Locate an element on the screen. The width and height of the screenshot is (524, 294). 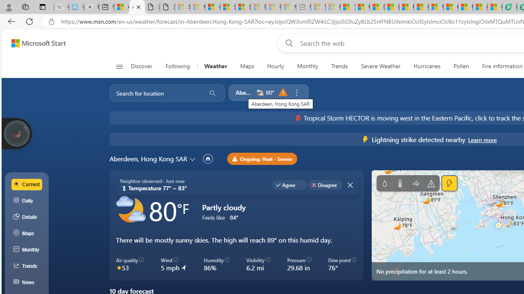
'Air quality 53' is located at coordinates (130, 265).